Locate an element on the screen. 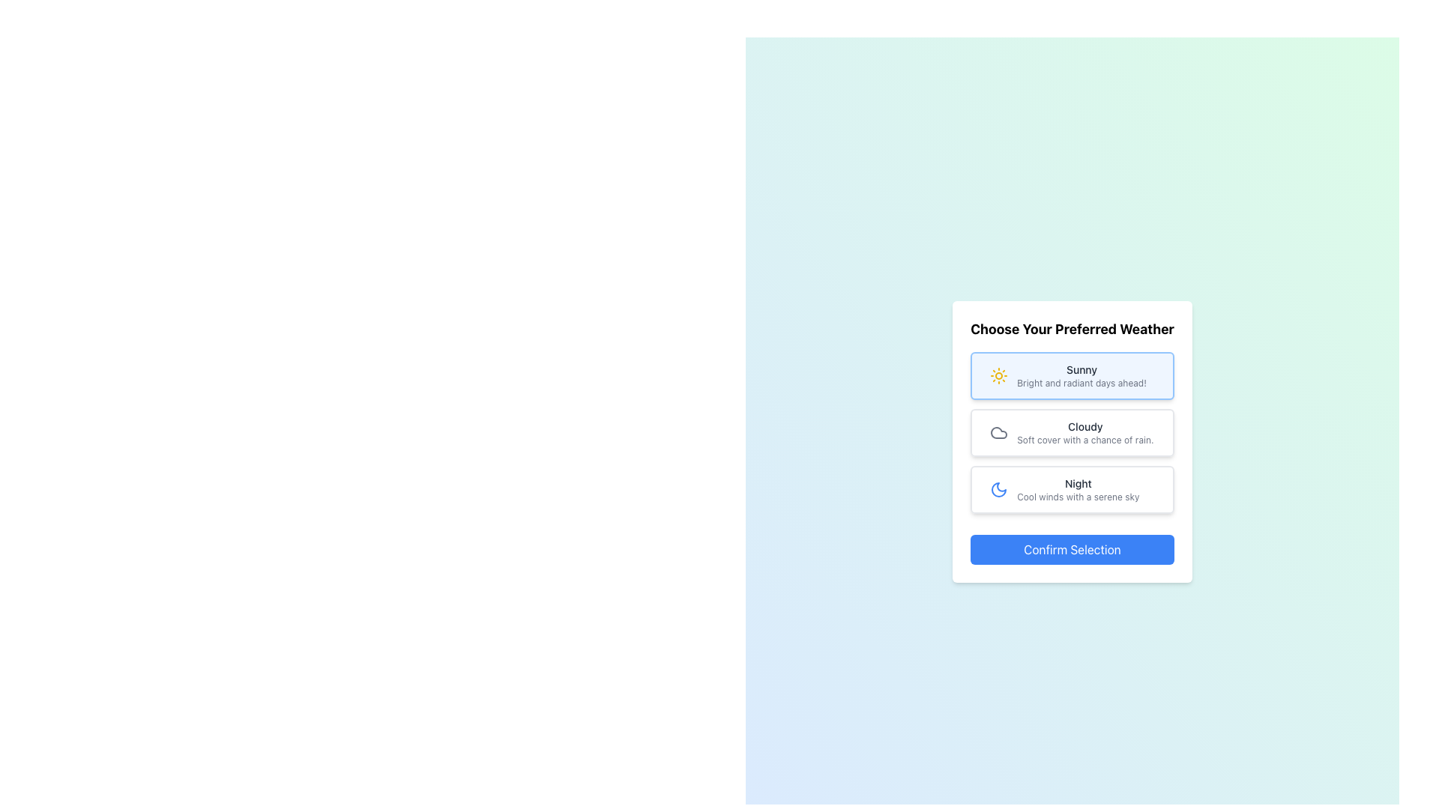 This screenshot has height=809, width=1439. the gray outlined cloud icon representing the 'Cloudy' weather selection option, which is positioned to the left of the textual description 'Soft cover with a chance of rain.' is located at coordinates (999, 433).